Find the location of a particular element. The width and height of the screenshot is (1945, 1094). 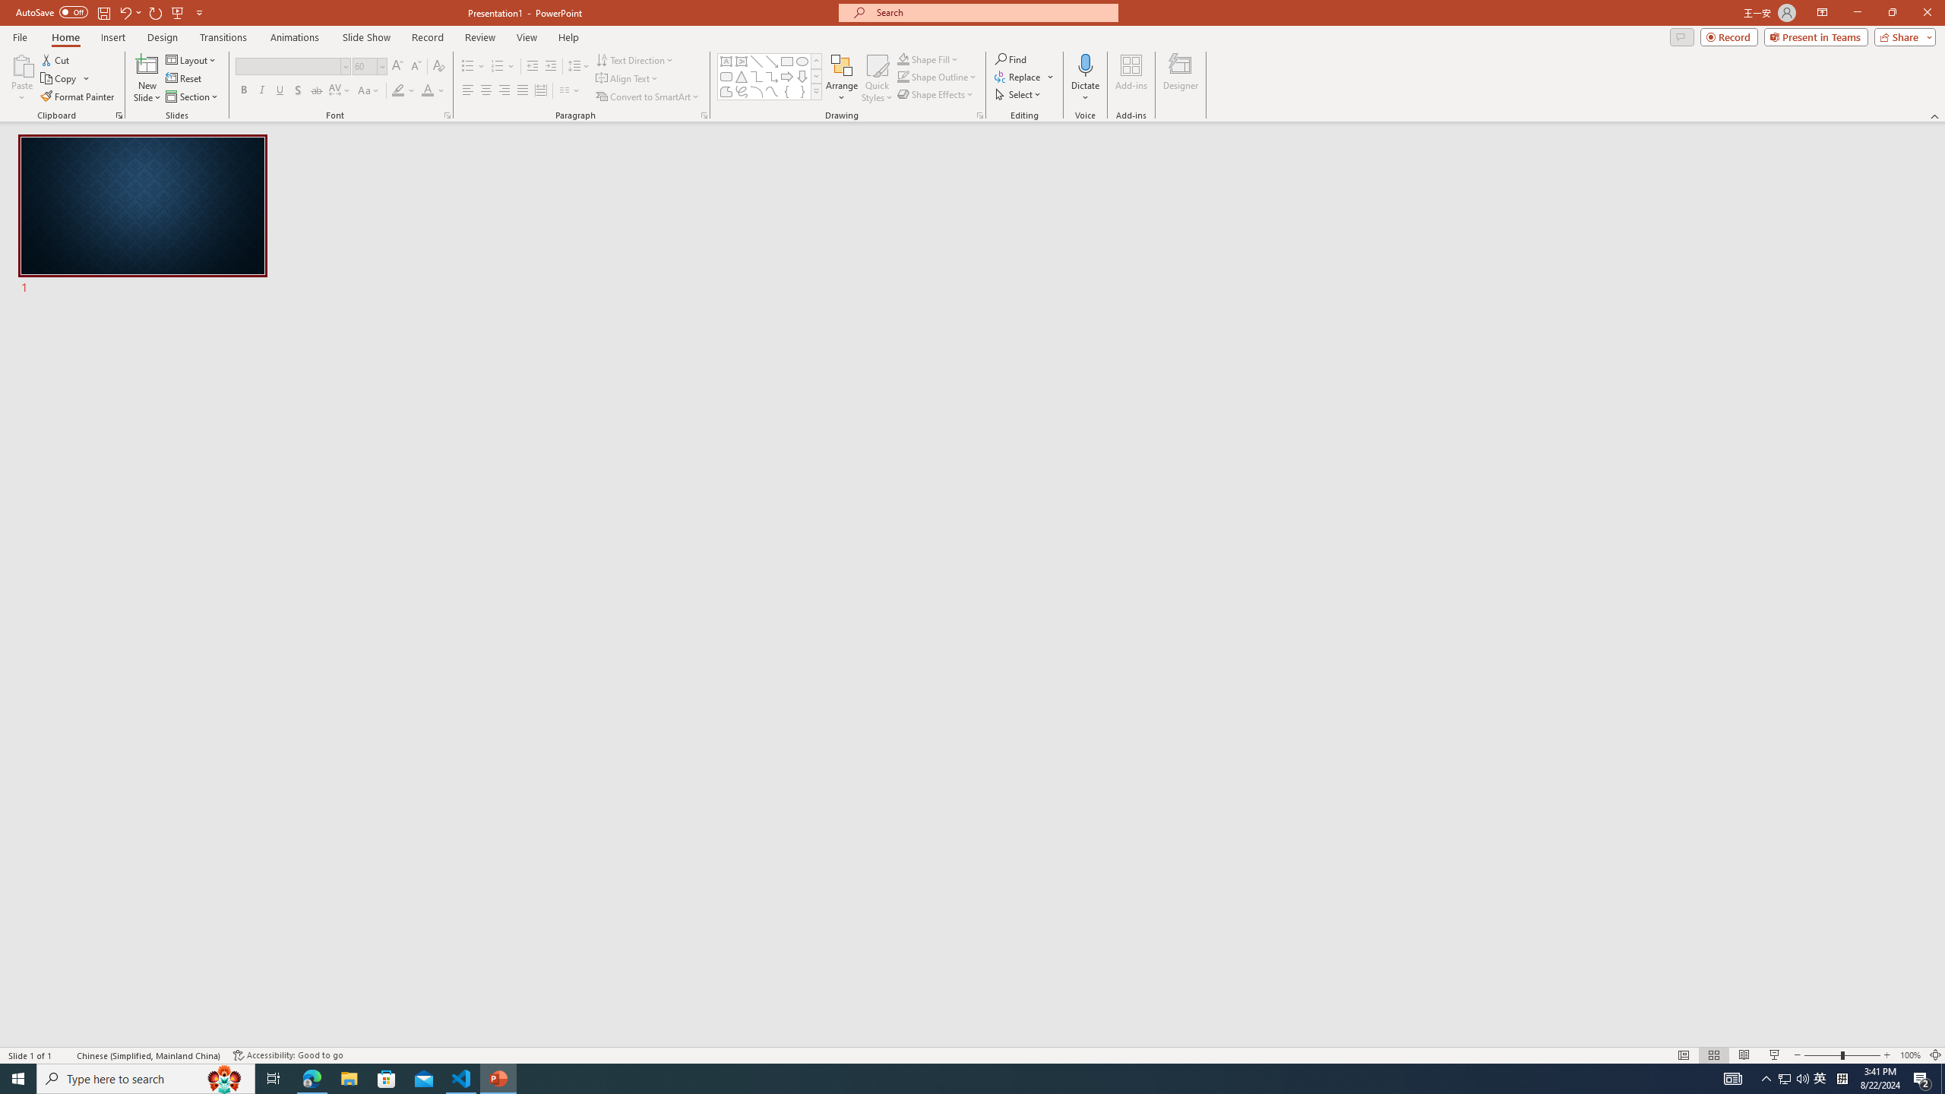

'Rectangle' is located at coordinates (786, 61).